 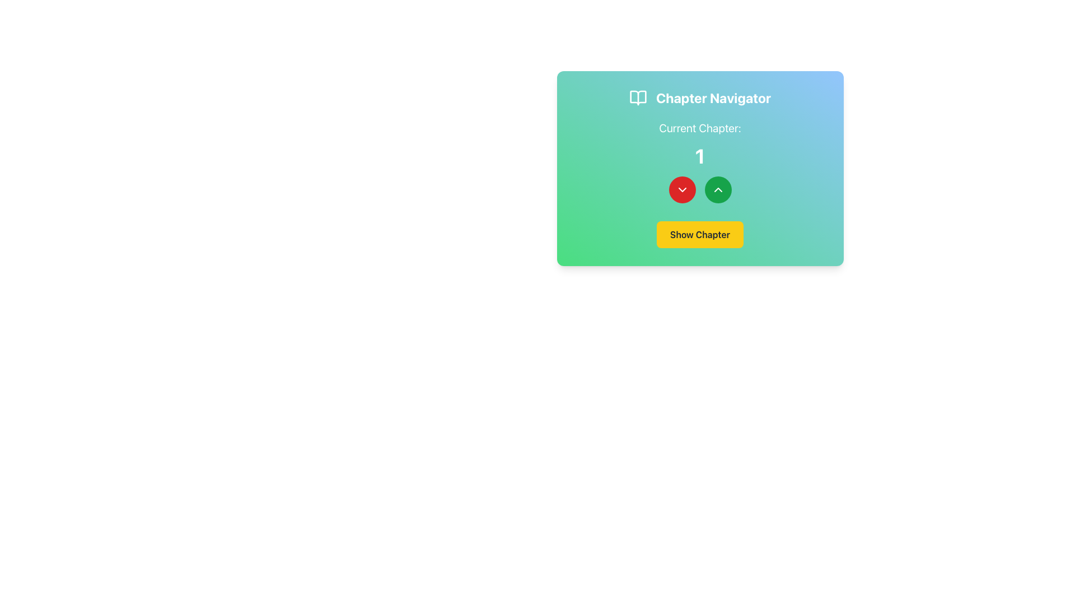 I want to click on the red circular button with the downward arrow located below the text 'Current Chapter: 1' to decrement the value, so click(x=699, y=189).